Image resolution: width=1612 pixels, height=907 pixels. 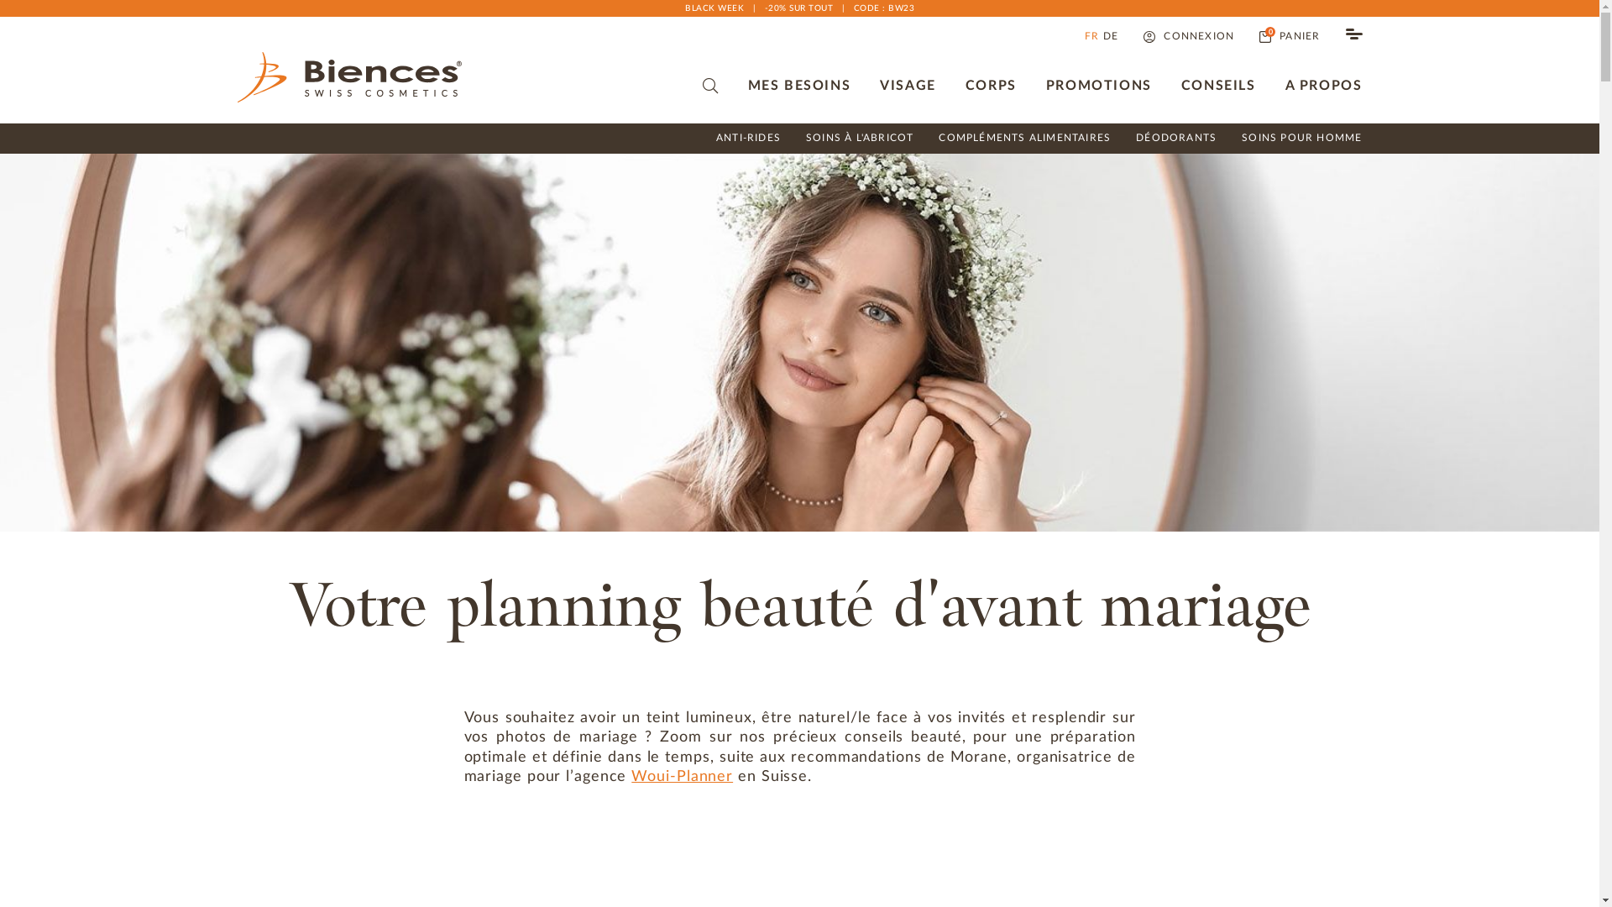 I want to click on 'CONNEXION', so click(x=1188, y=36).